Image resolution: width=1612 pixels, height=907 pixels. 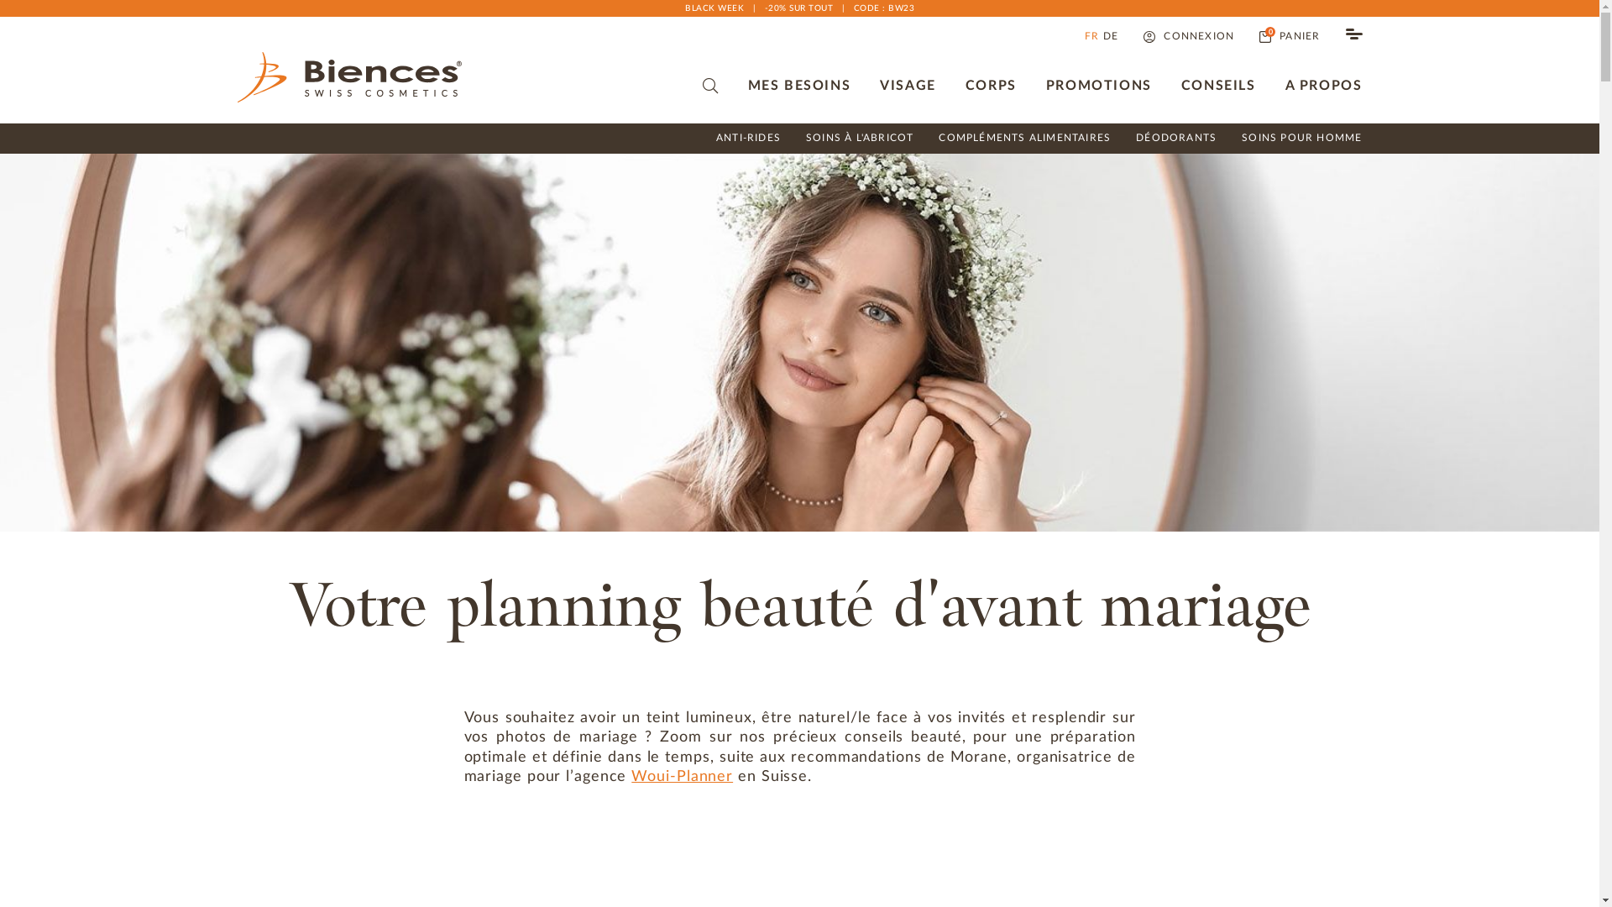 I want to click on 'CONNEXION', so click(x=1188, y=36).